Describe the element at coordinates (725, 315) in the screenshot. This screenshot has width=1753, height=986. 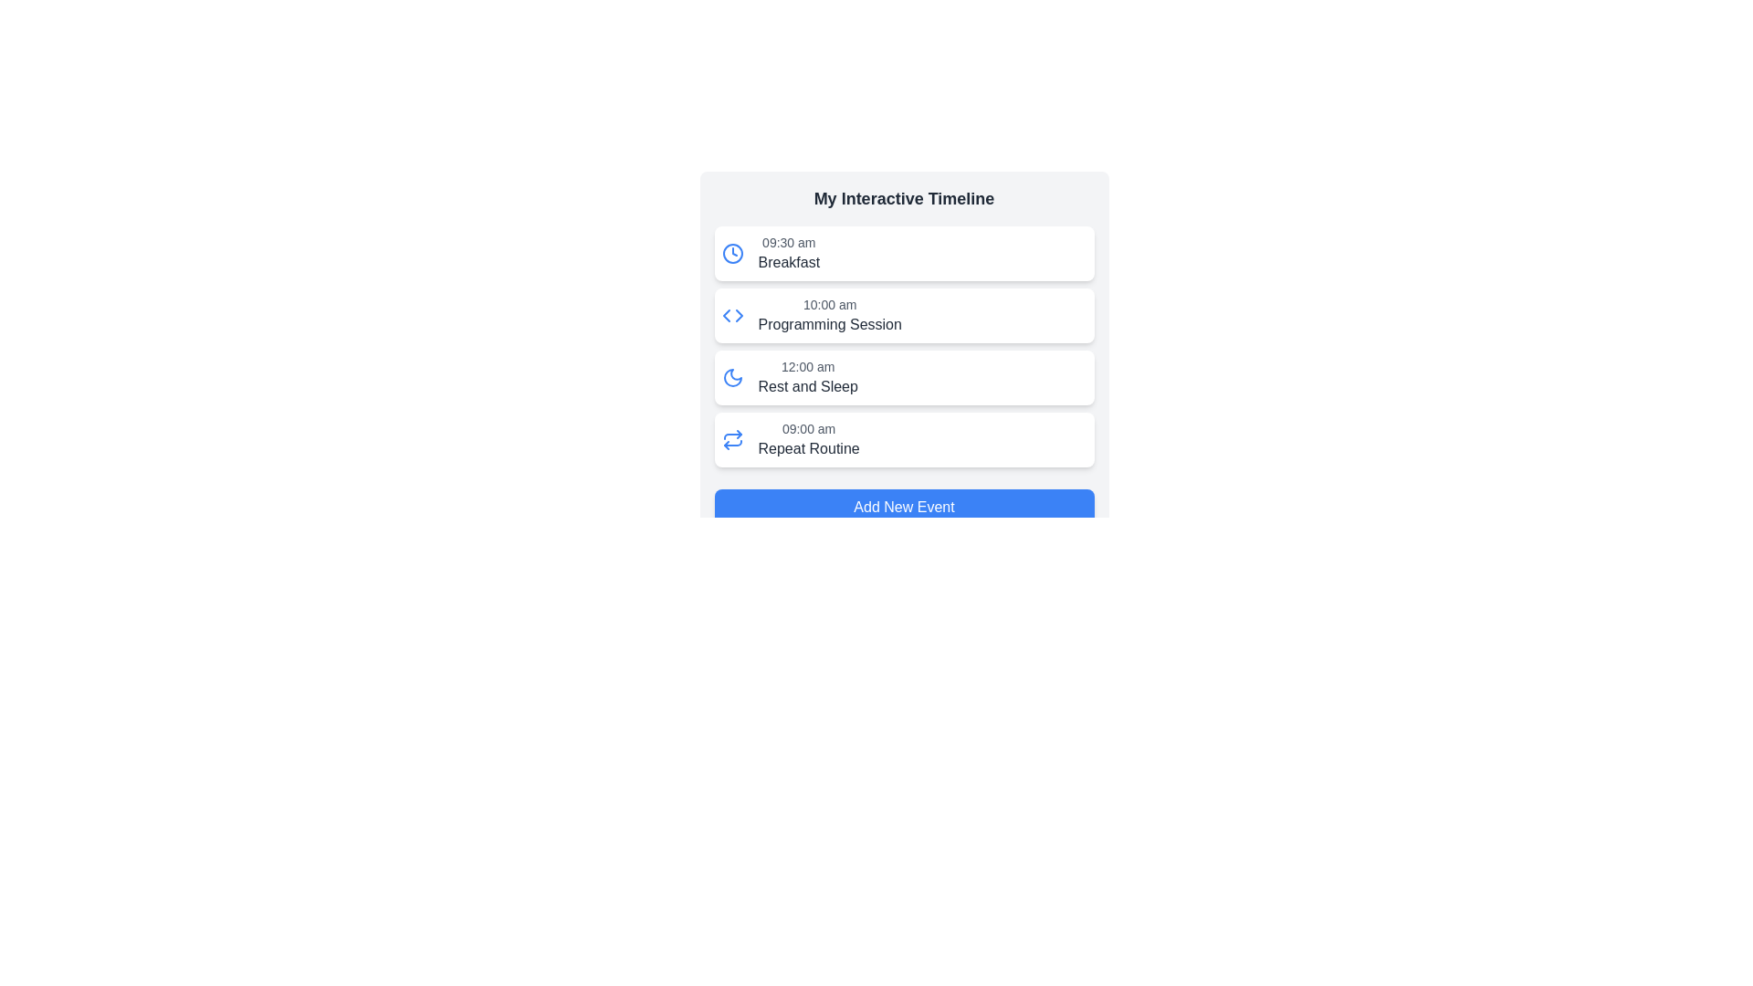
I see `the graphical vector element that indicates navigation related to the 'Programming Session' event on the timeline, located slightly to the left of the center of the icon` at that location.